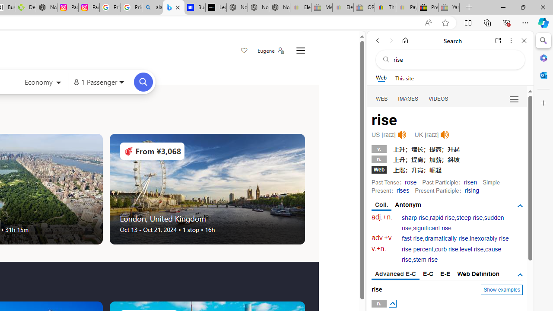  I want to click on 'dramatically rise', so click(446, 238).